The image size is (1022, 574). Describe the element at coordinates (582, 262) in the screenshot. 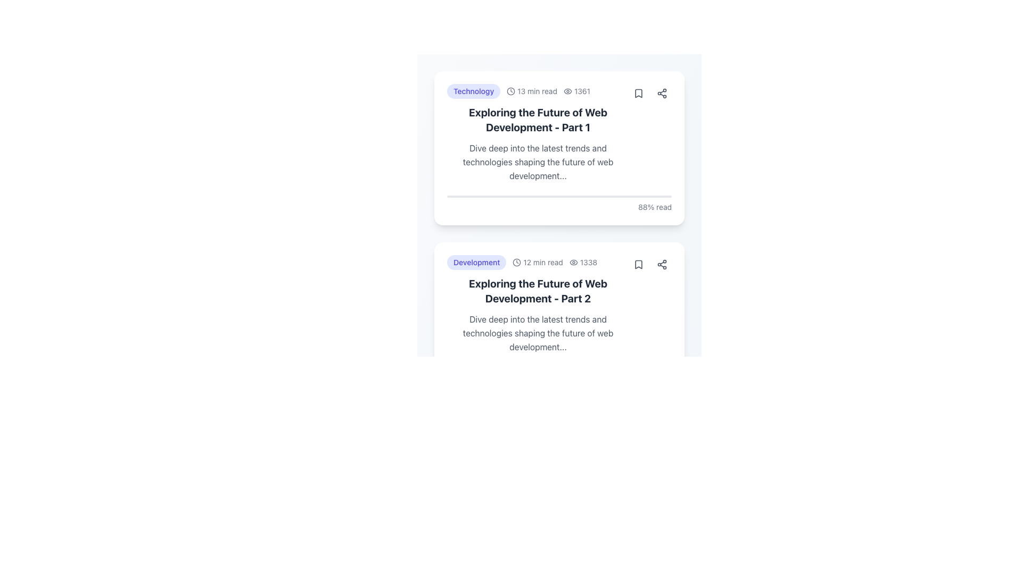

I see `the text label displaying the view count located to the right of the eye icon in the second content card` at that location.